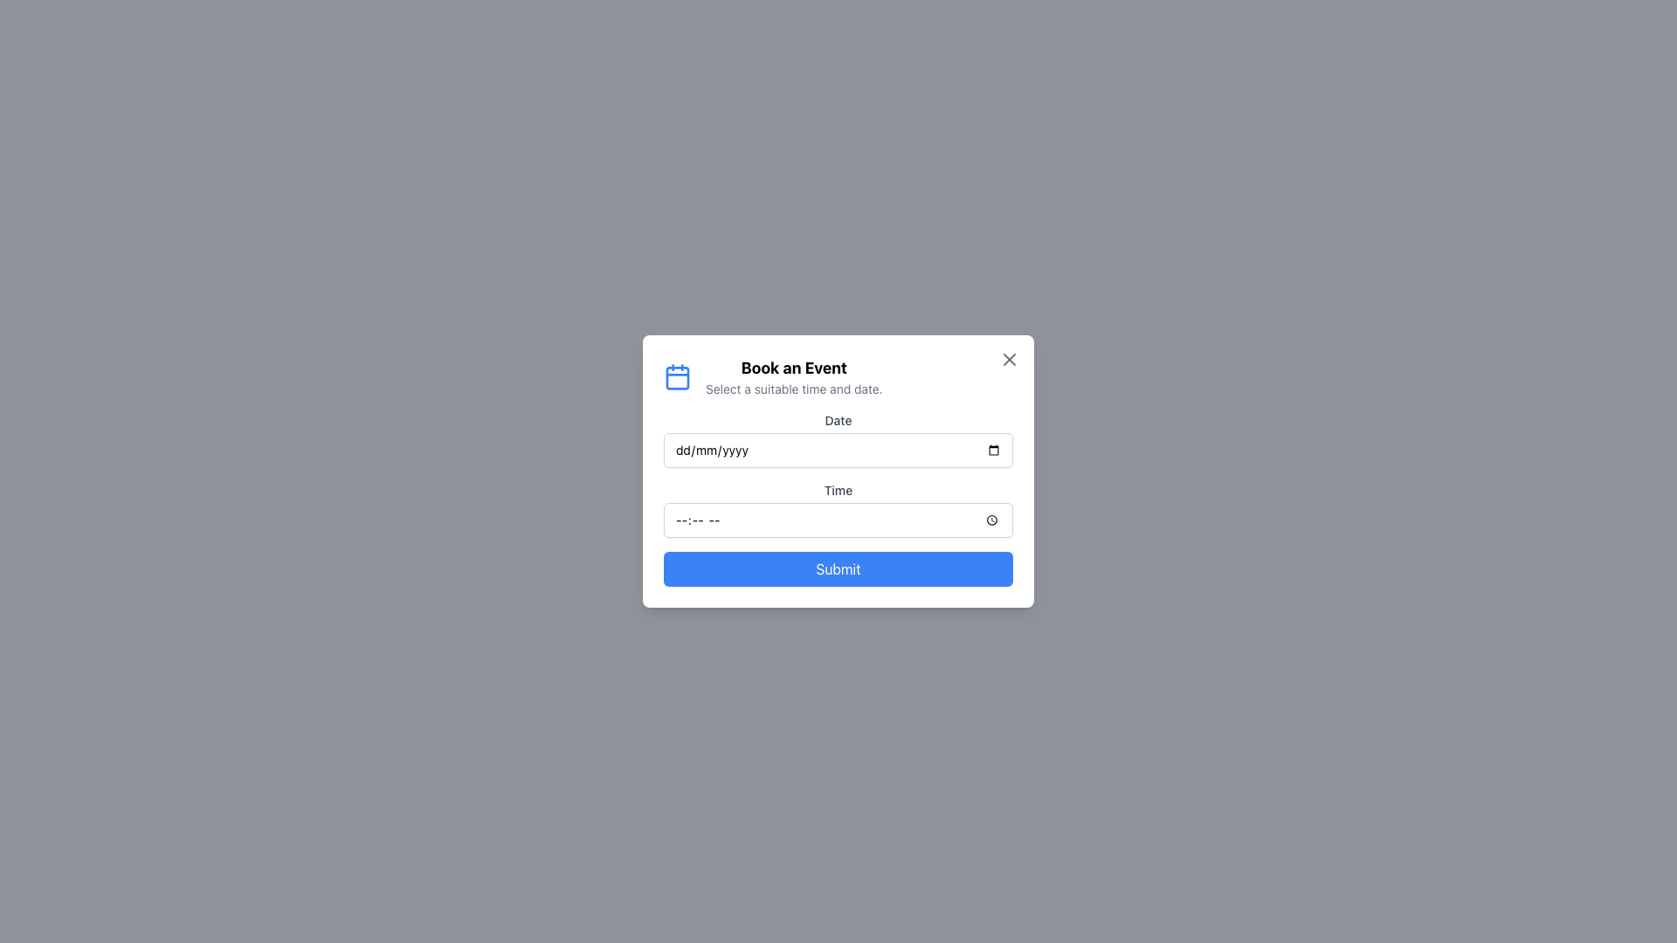 This screenshot has width=1677, height=943. What do you see at coordinates (838, 499) in the screenshot?
I see `the time input field within the event booking modal` at bounding box center [838, 499].